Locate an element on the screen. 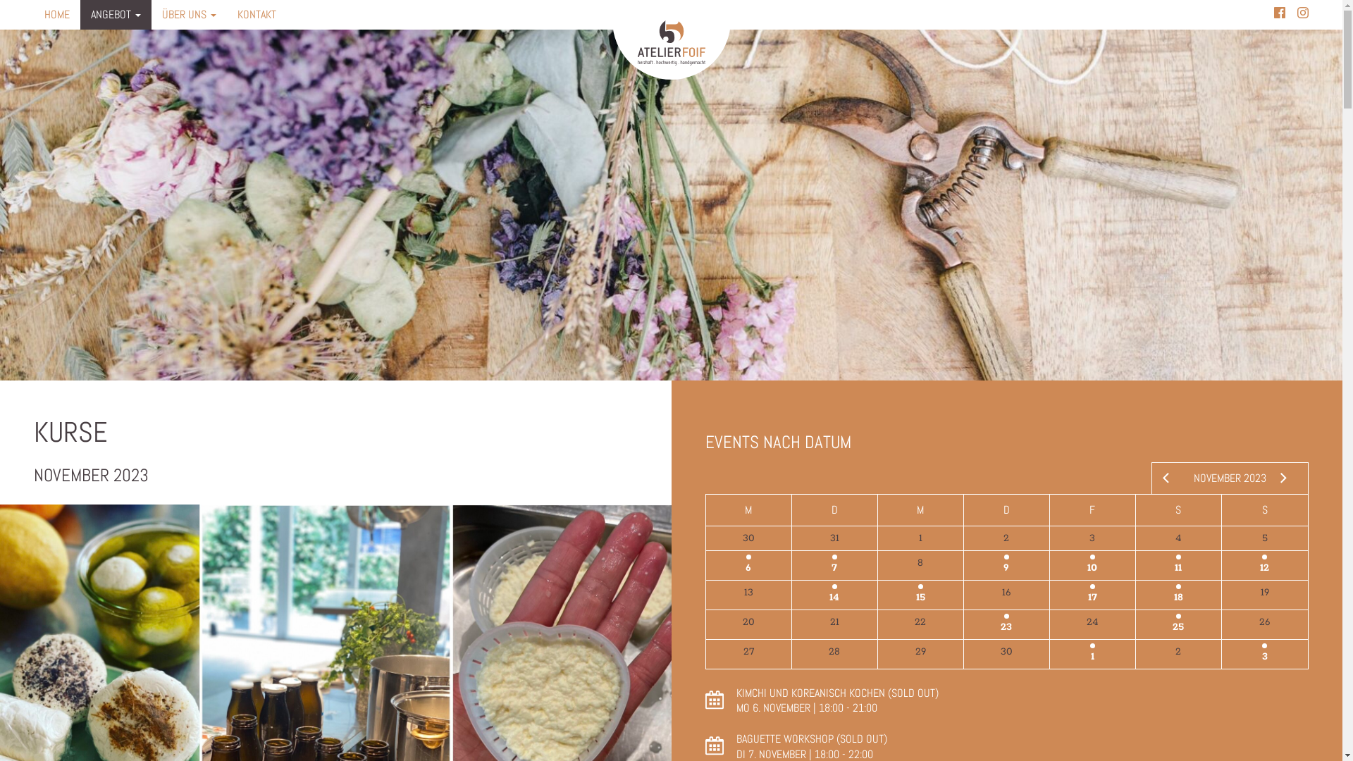 The width and height of the screenshot is (1353, 761). '0 VERANSTALTUNGEN, is located at coordinates (920, 654).